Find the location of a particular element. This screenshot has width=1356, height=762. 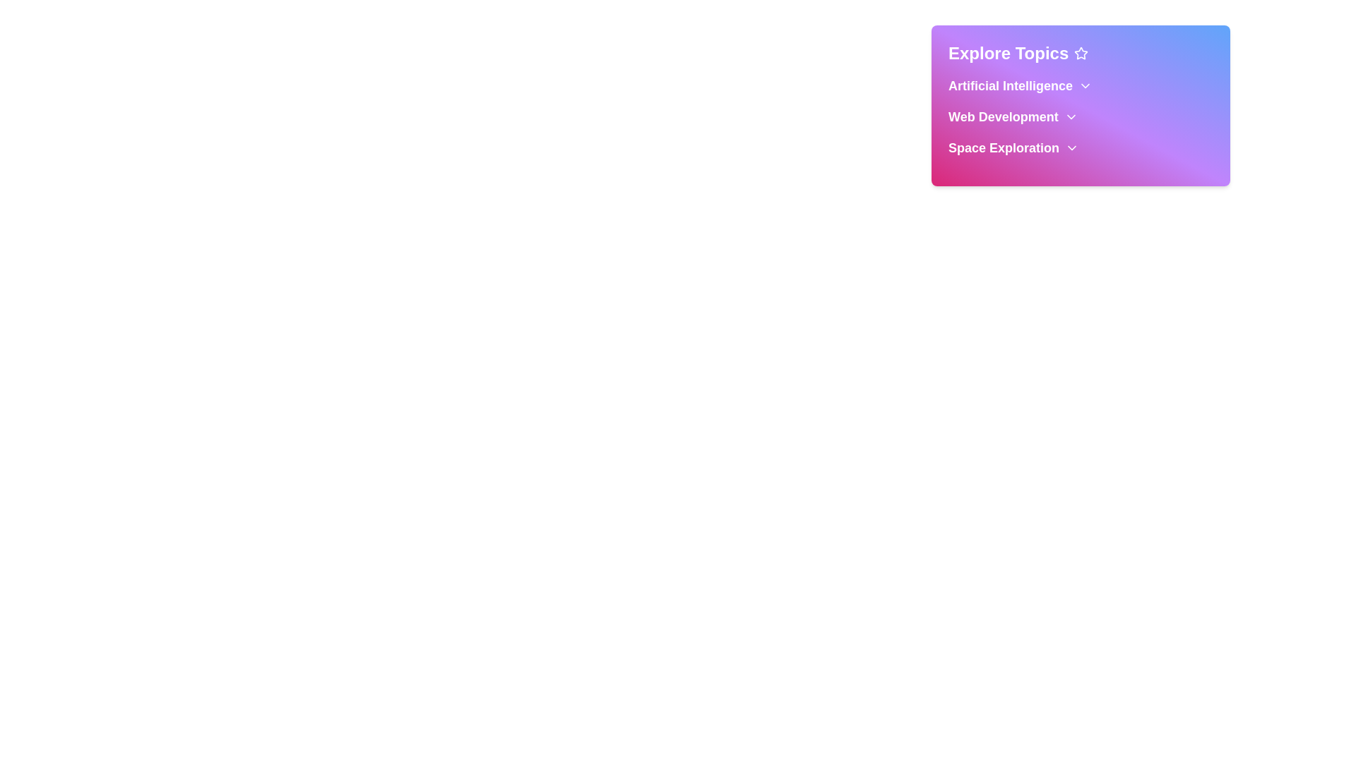

the 'Web Development' category in the interactive list item located in the 'Explore Topics' section is located at coordinates (1080, 116).